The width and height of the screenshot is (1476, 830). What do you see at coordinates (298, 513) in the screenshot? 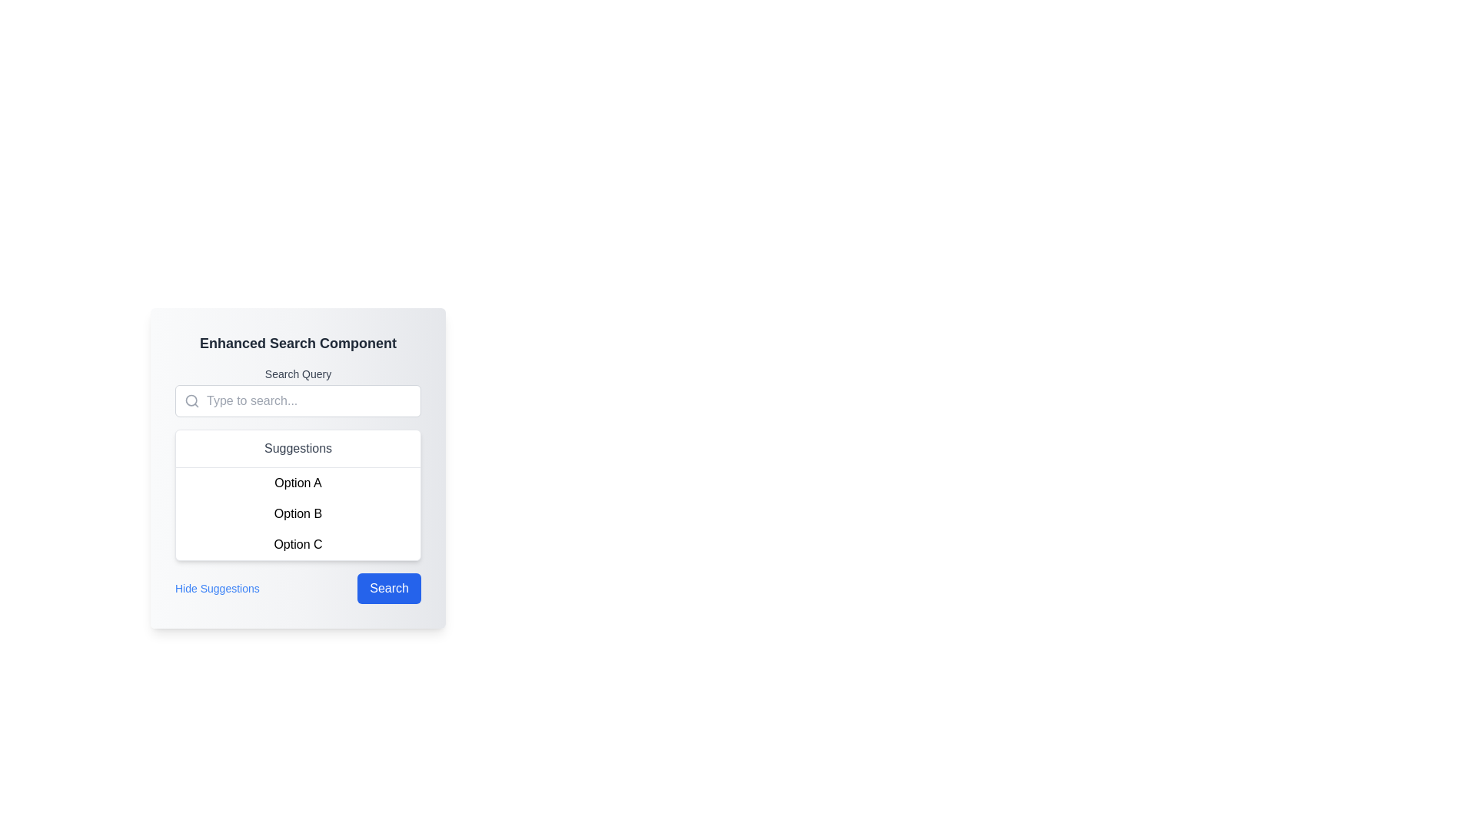
I see `the selectable list item labeled 'Option B' located under the 'Suggestions' section` at bounding box center [298, 513].